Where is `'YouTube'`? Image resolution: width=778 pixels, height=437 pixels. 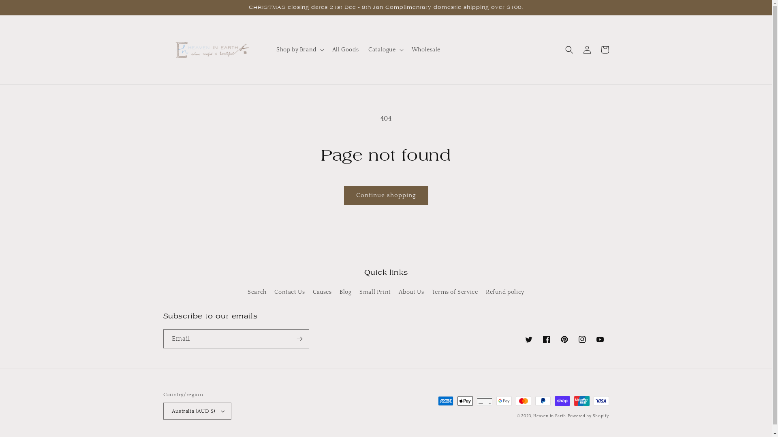 'YouTube' is located at coordinates (599, 339).